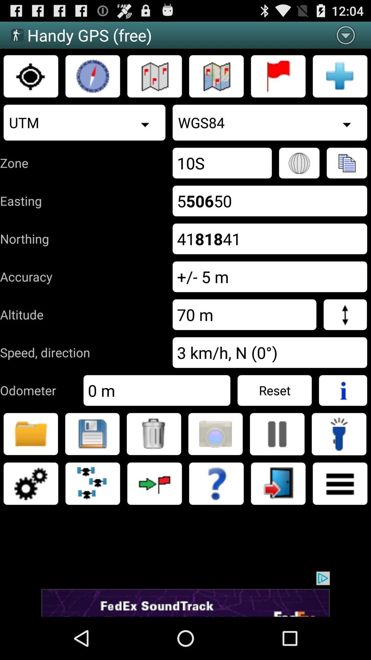  What do you see at coordinates (92, 464) in the screenshot?
I see `the save icon` at bounding box center [92, 464].